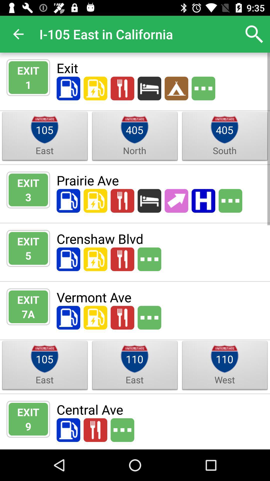 This screenshot has height=481, width=270. What do you see at coordinates (18, 34) in the screenshot?
I see `the app next to i 105 east app` at bounding box center [18, 34].